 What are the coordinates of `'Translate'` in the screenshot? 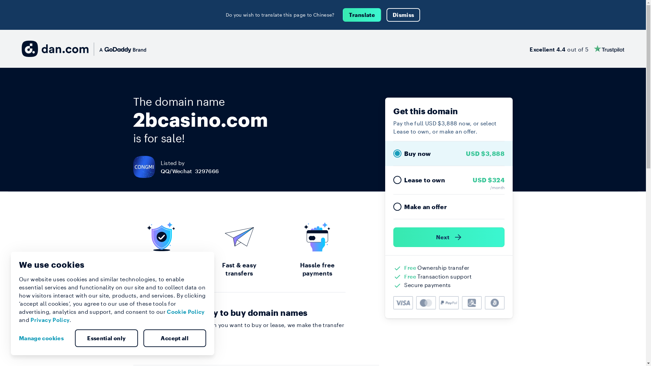 It's located at (361, 15).